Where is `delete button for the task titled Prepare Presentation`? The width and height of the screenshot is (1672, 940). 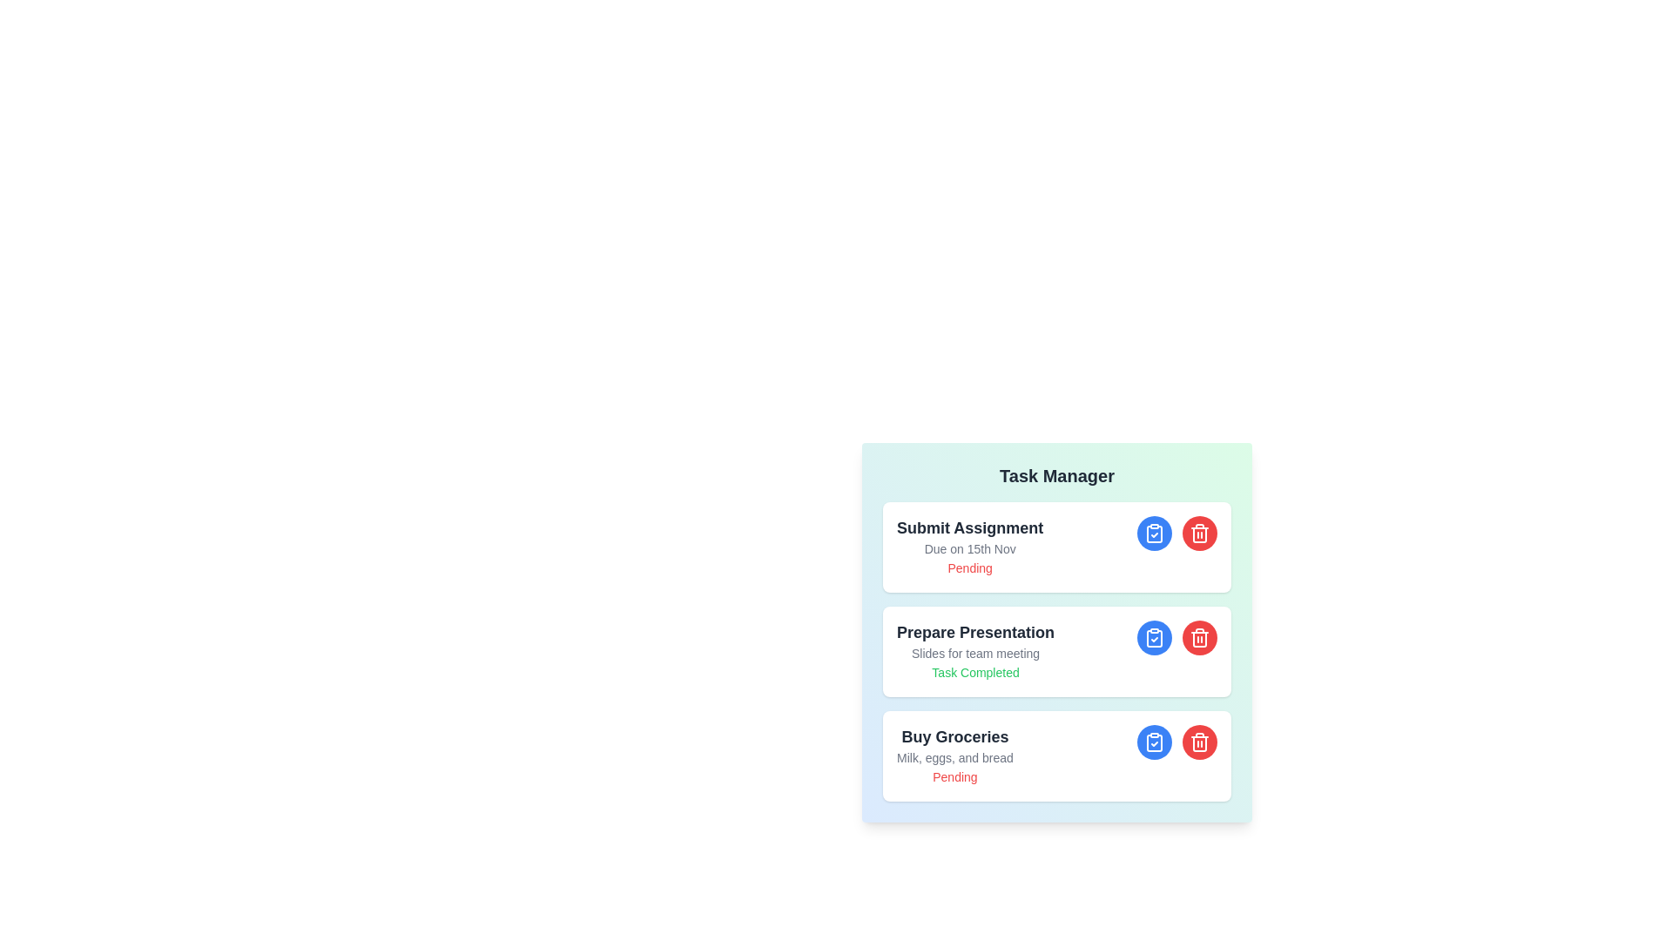 delete button for the task titled Prepare Presentation is located at coordinates (1198, 637).